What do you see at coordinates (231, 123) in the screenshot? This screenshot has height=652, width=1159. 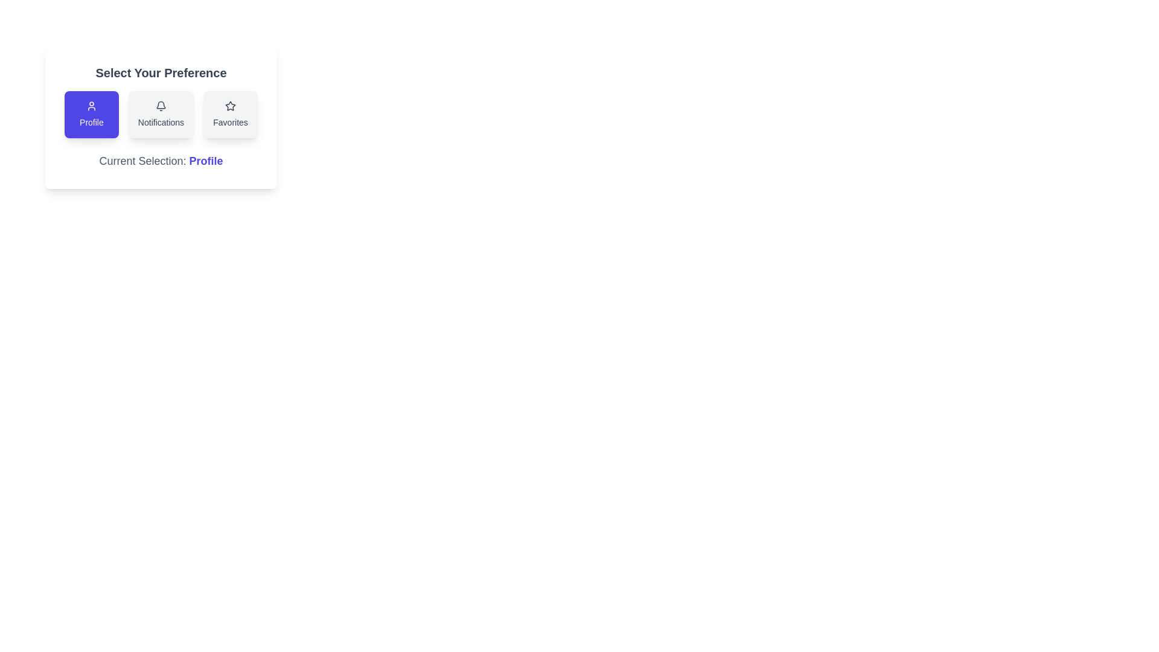 I see `the third text label that describes the 'Favorites' option within the preference selection interface, located below the star icon` at bounding box center [231, 123].